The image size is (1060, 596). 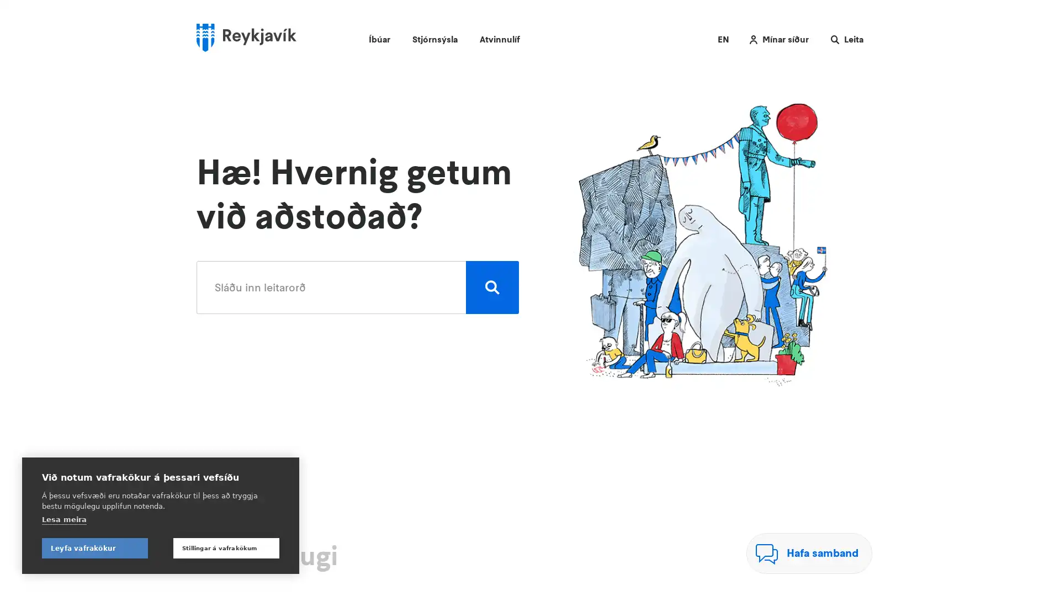 I want to click on Ibuar, so click(x=379, y=37).